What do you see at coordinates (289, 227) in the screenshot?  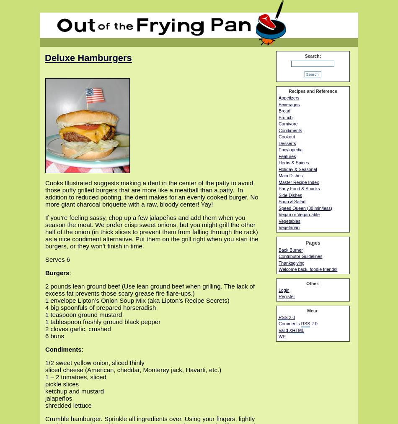 I see `'Vegetarian'` at bounding box center [289, 227].